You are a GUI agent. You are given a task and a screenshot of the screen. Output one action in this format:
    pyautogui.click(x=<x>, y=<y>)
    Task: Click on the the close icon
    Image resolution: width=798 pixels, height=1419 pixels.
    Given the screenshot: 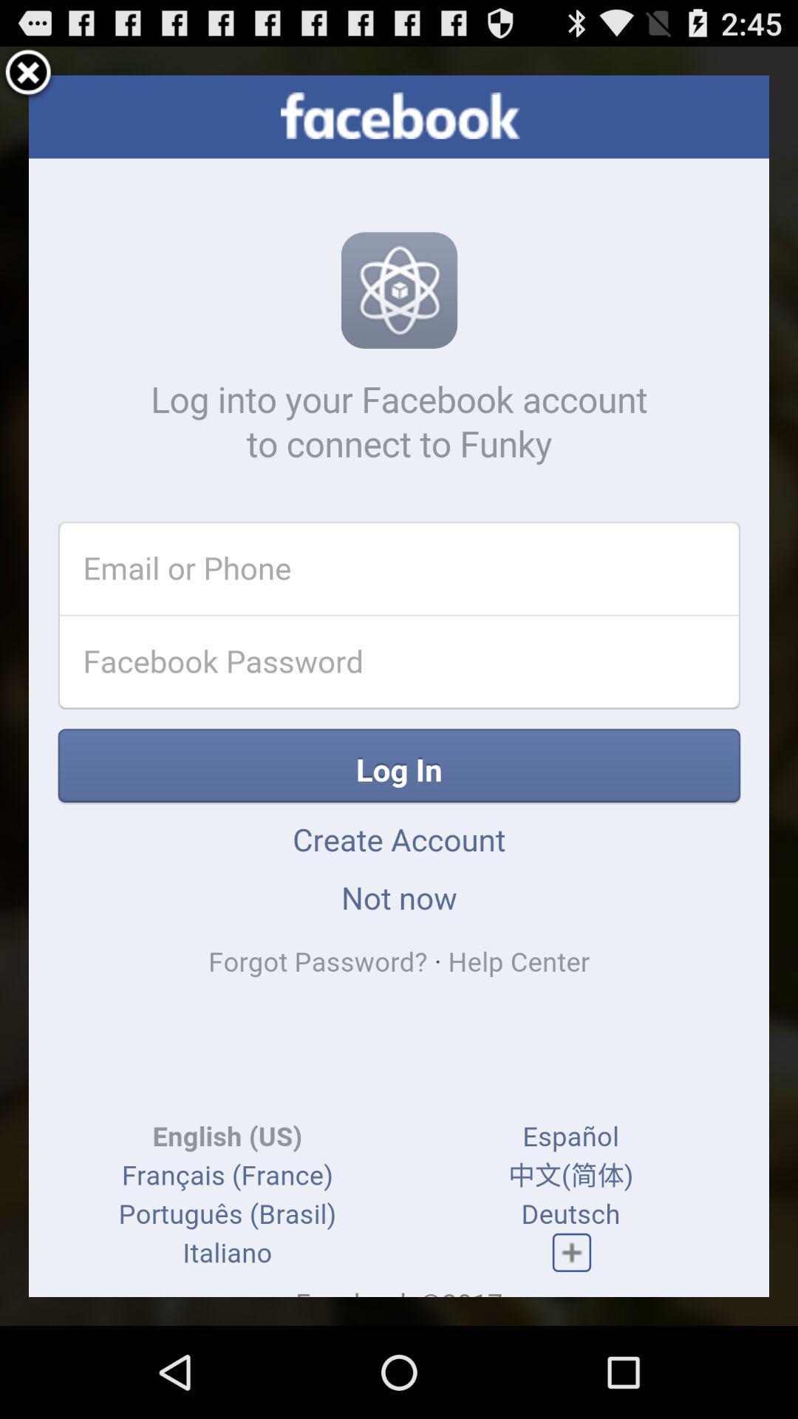 What is the action you would take?
    pyautogui.click(x=28, y=79)
    